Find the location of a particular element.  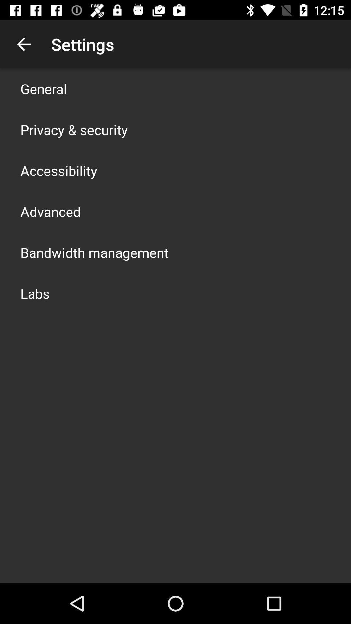

accessibility app is located at coordinates (59, 170).